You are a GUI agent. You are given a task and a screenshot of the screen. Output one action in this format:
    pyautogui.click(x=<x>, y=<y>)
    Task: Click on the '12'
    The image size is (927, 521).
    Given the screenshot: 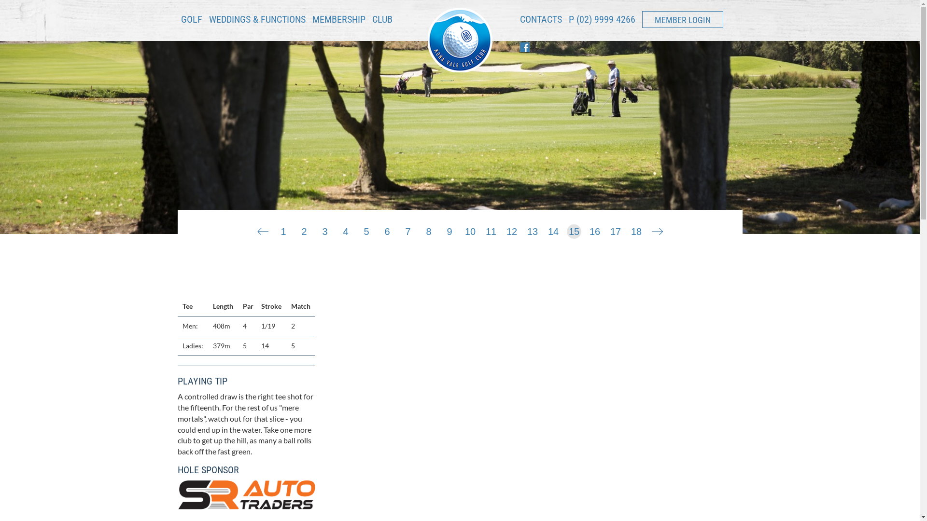 What is the action you would take?
    pyautogui.click(x=504, y=229)
    